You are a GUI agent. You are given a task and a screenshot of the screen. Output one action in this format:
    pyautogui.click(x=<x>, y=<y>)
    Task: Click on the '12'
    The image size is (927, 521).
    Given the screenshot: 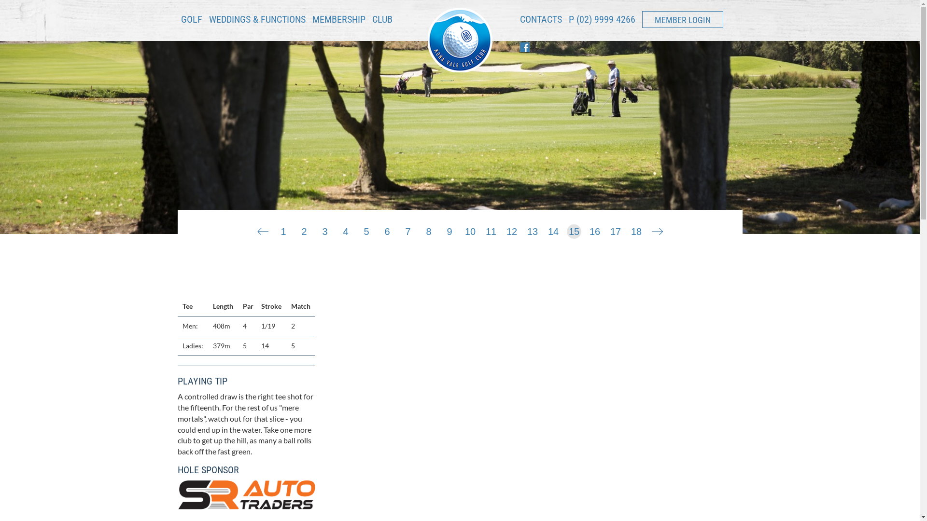 What is the action you would take?
    pyautogui.click(x=504, y=229)
    